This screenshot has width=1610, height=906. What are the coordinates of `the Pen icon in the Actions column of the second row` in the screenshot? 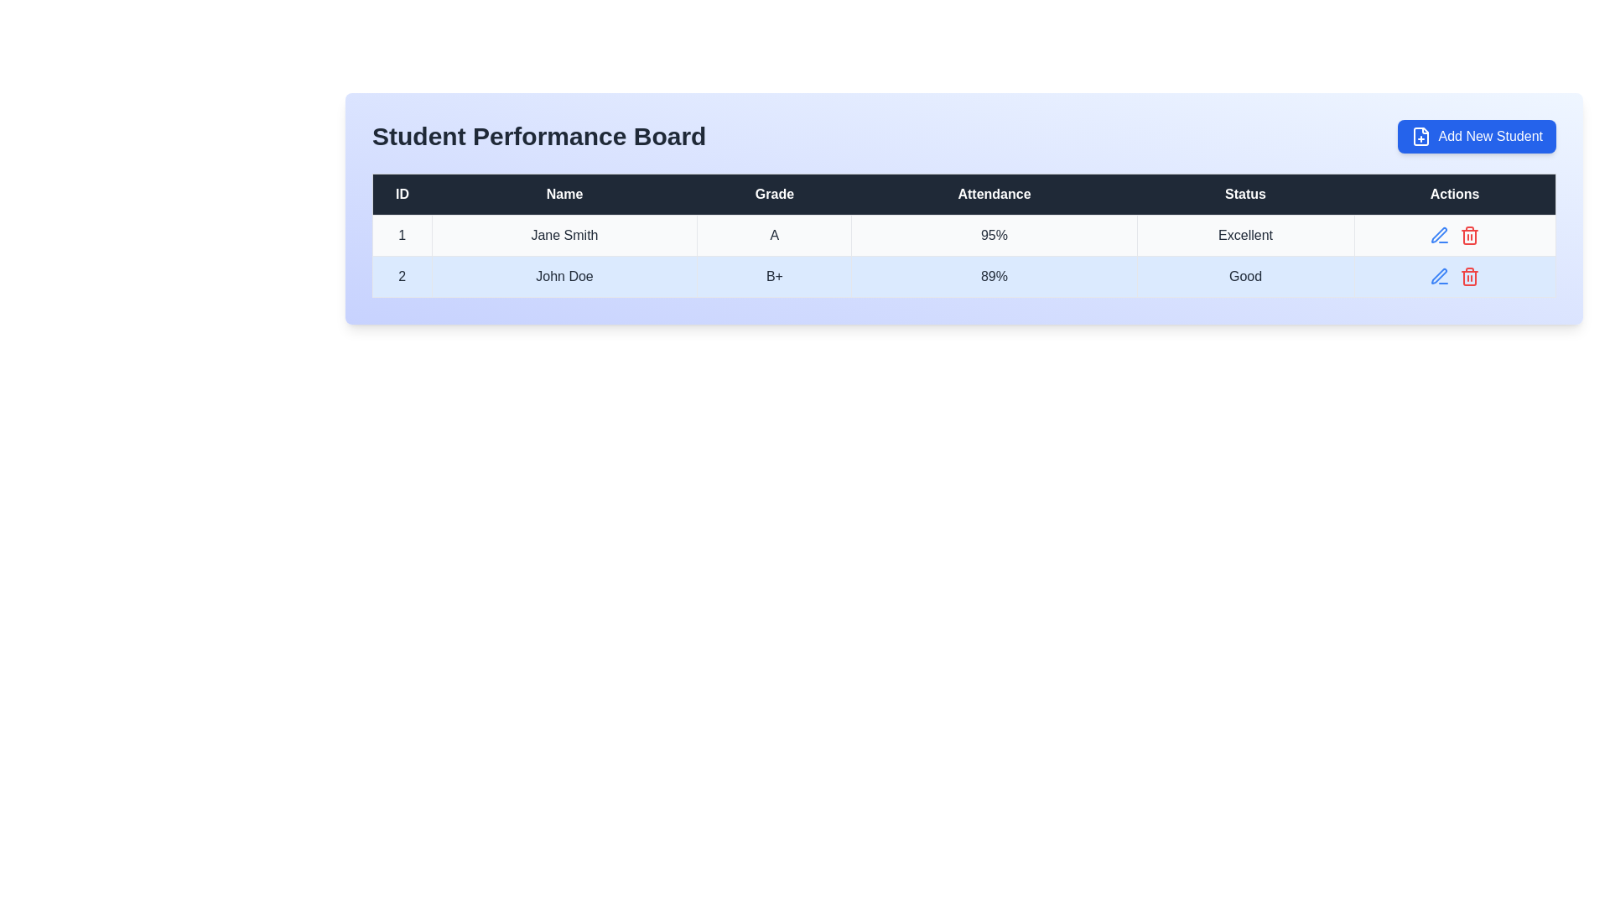 It's located at (1438, 275).